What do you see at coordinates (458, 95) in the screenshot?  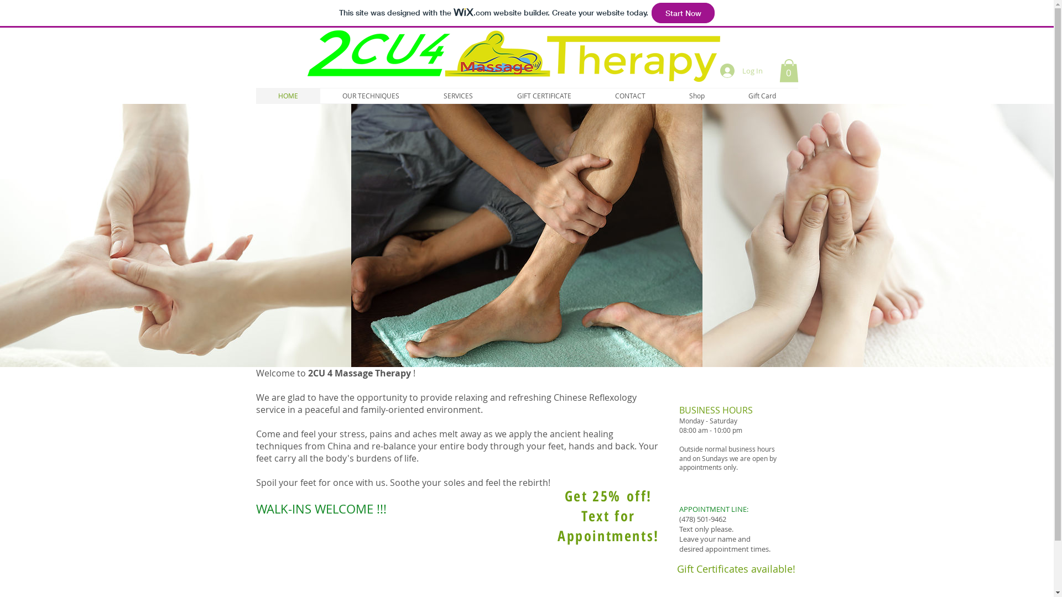 I see `'SERVICES'` at bounding box center [458, 95].